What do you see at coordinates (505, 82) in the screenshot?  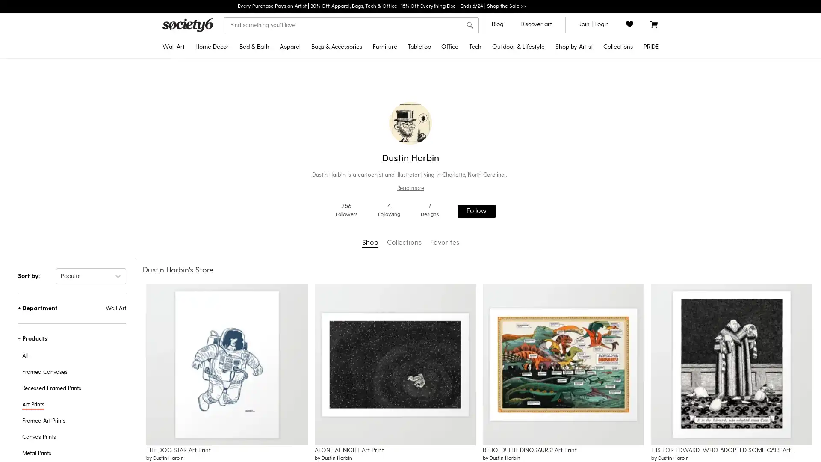 I see `Android Cases` at bounding box center [505, 82].